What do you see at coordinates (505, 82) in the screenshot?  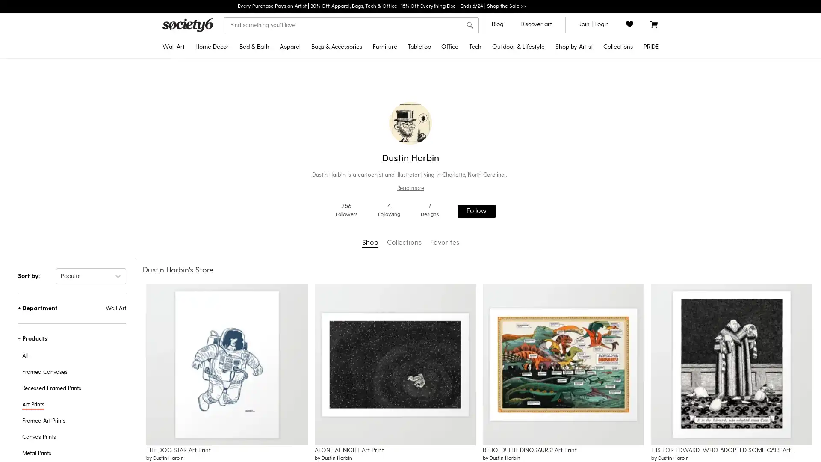 I see `Android Cases` at bounding box center [505, 82].